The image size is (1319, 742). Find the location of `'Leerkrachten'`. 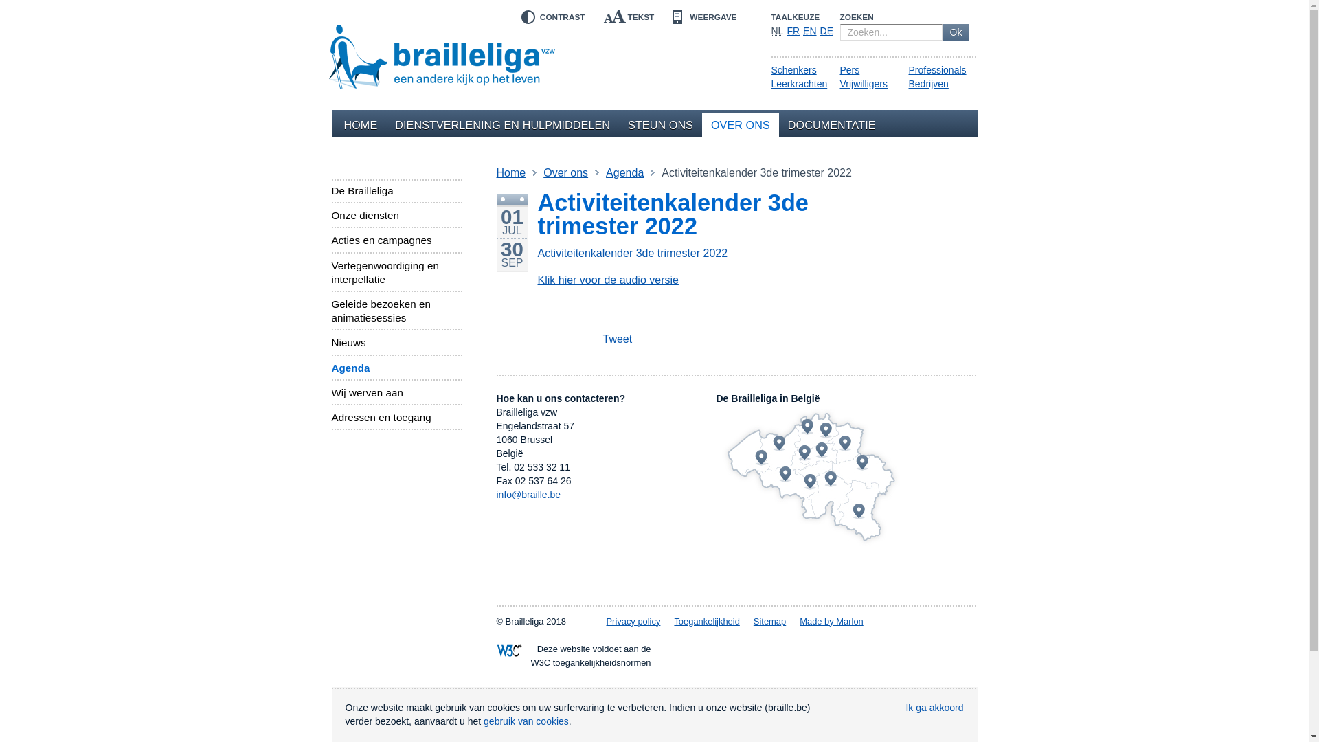

'Leerkrachten' is located at coordinates (798, 84).